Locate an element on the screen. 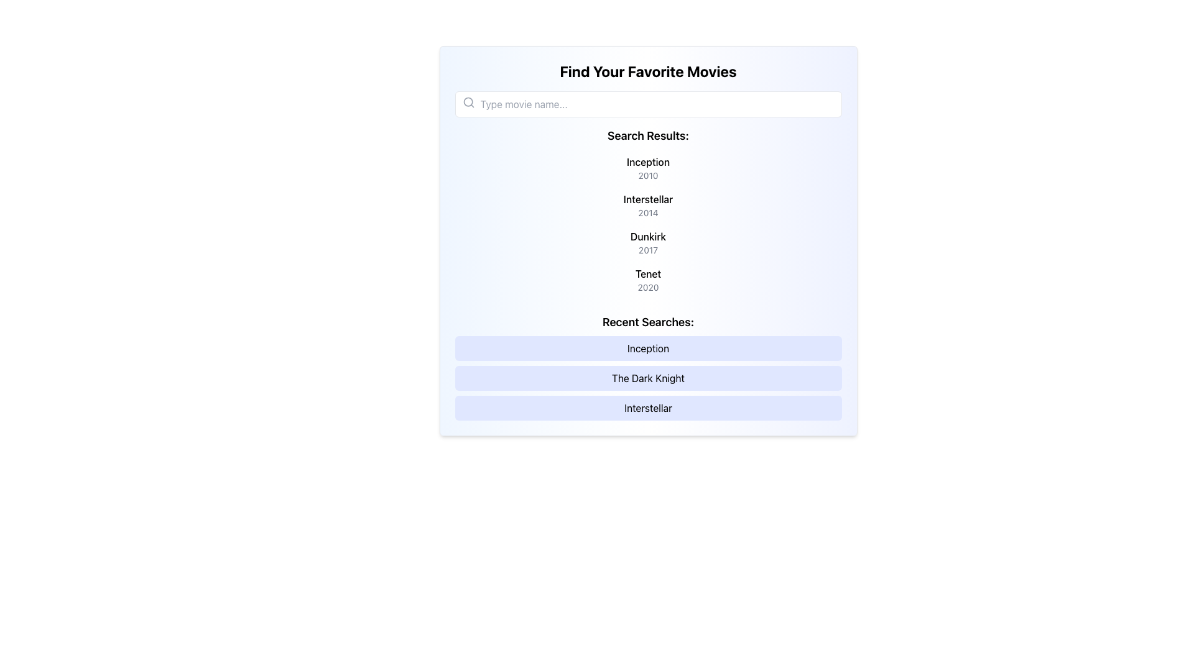  the second movie result list item displaying its title and release year is located at coordinates (647, 205).